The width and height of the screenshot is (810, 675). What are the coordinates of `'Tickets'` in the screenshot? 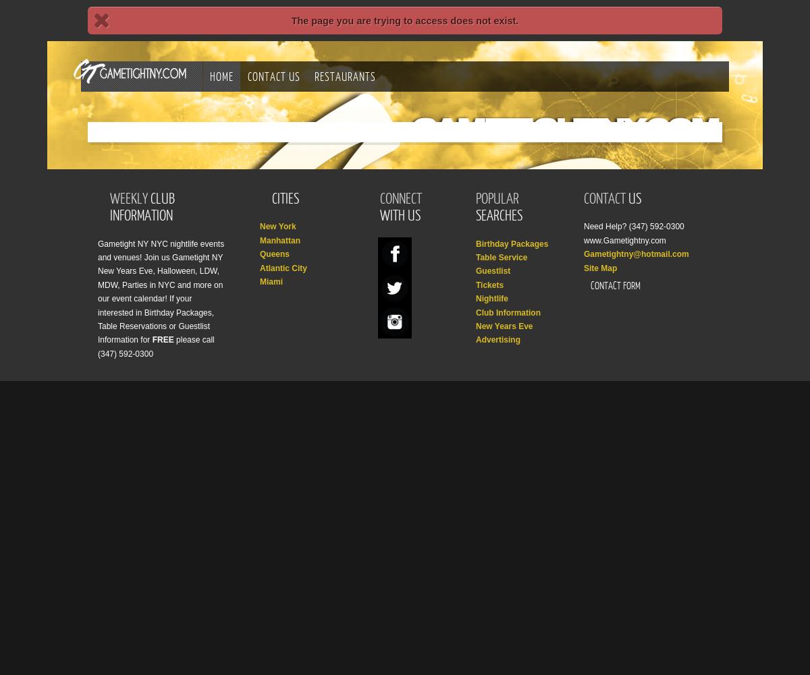 It's located at (476, 284).